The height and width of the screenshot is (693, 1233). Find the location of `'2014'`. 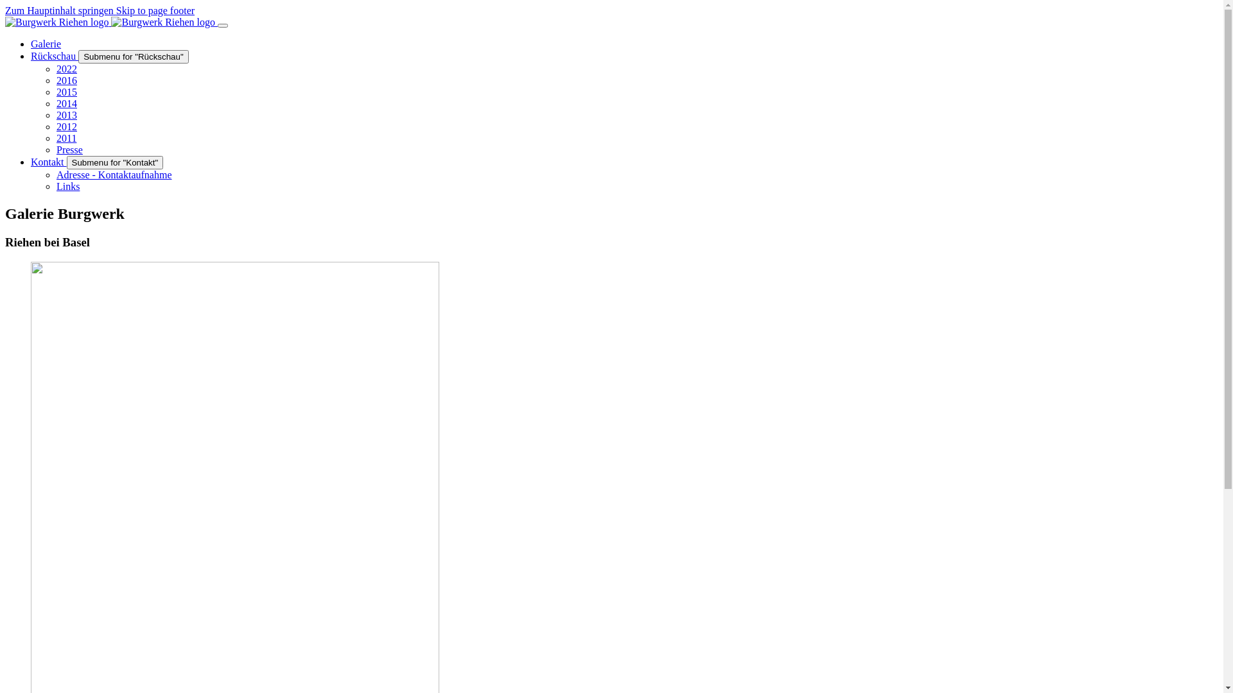

'2014' is located at coordinates (66, 103).